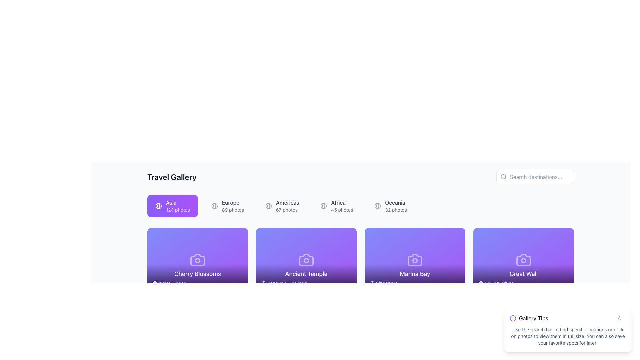 The width and height of the screenshot is (640, 360). What do you see at coordinates (454, 239) in the screenshot?
I see `the circular maximize button located in the top-right corner of the 'Marina Bay' card` at bounding box center [454, 239].